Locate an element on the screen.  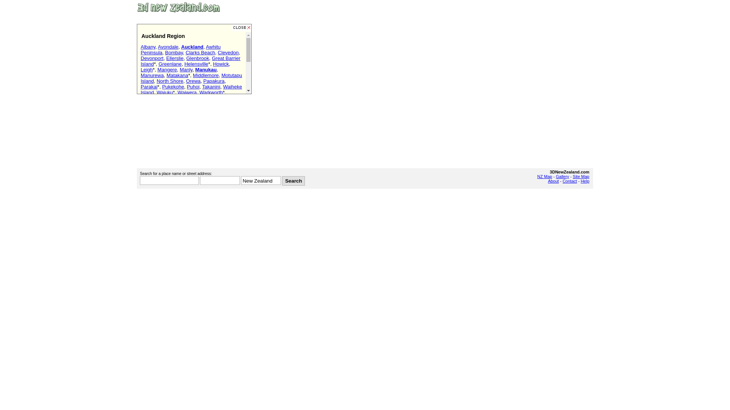
'NZ Map' is located at coordinates (544, 177).